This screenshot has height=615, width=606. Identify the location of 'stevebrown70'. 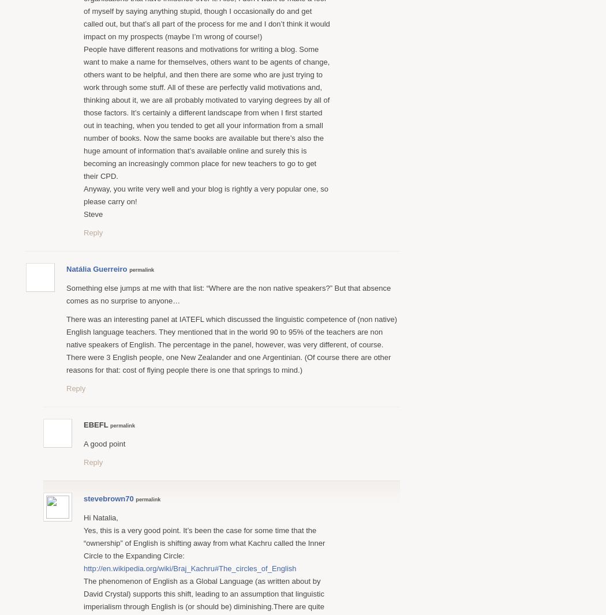
(108, 498).